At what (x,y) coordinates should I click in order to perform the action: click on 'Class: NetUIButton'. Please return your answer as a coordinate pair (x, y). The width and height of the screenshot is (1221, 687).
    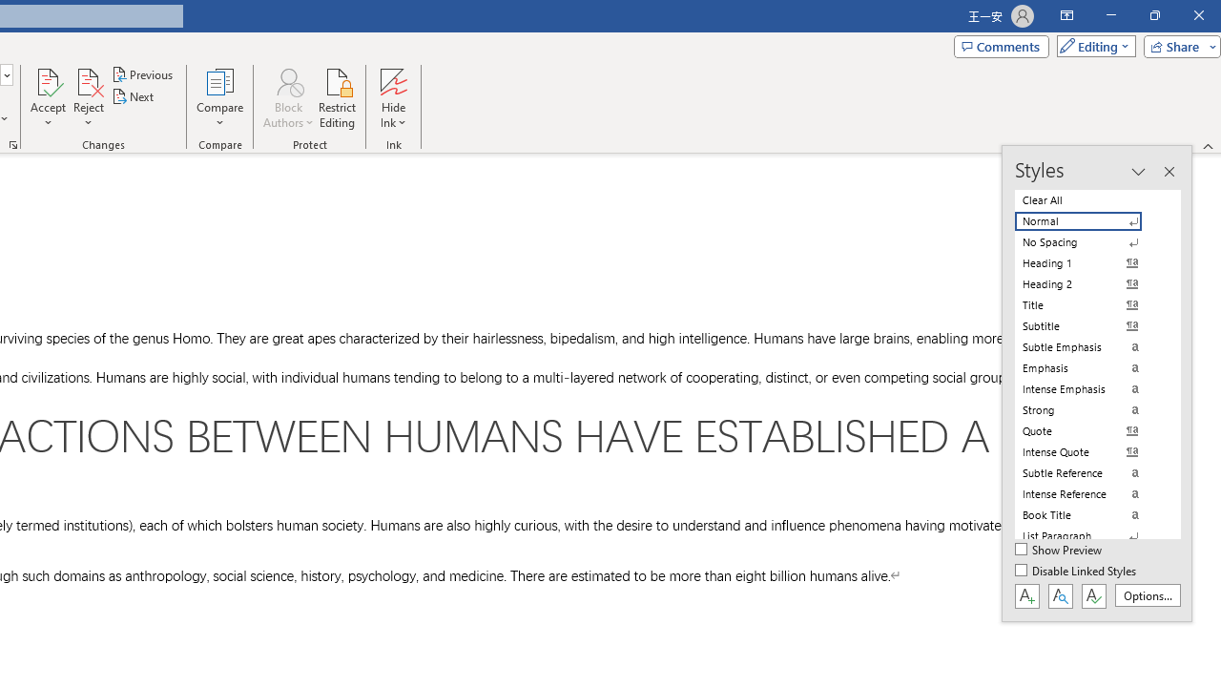
    Looking at the image, I should click on (1093, 594).